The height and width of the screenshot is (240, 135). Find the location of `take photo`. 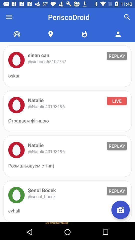

take photo is located at coordinates (120, 210).